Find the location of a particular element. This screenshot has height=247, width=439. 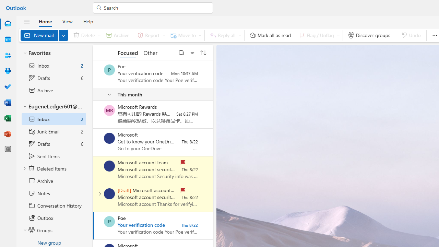

'View' is located at coordinates (67, 21).